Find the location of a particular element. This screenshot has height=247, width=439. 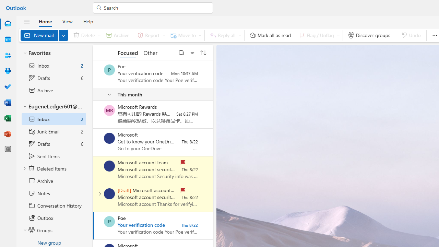

'View' is located at coordinates (67, 21).